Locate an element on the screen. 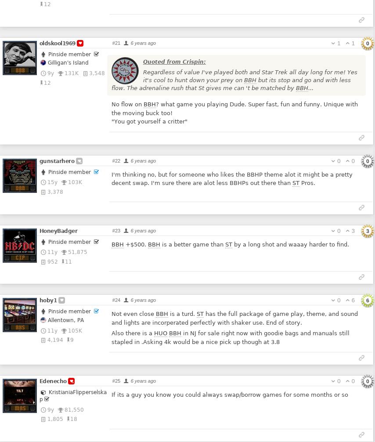 The image size is (375, 442). '#24' is located at coordinates (115, 300).